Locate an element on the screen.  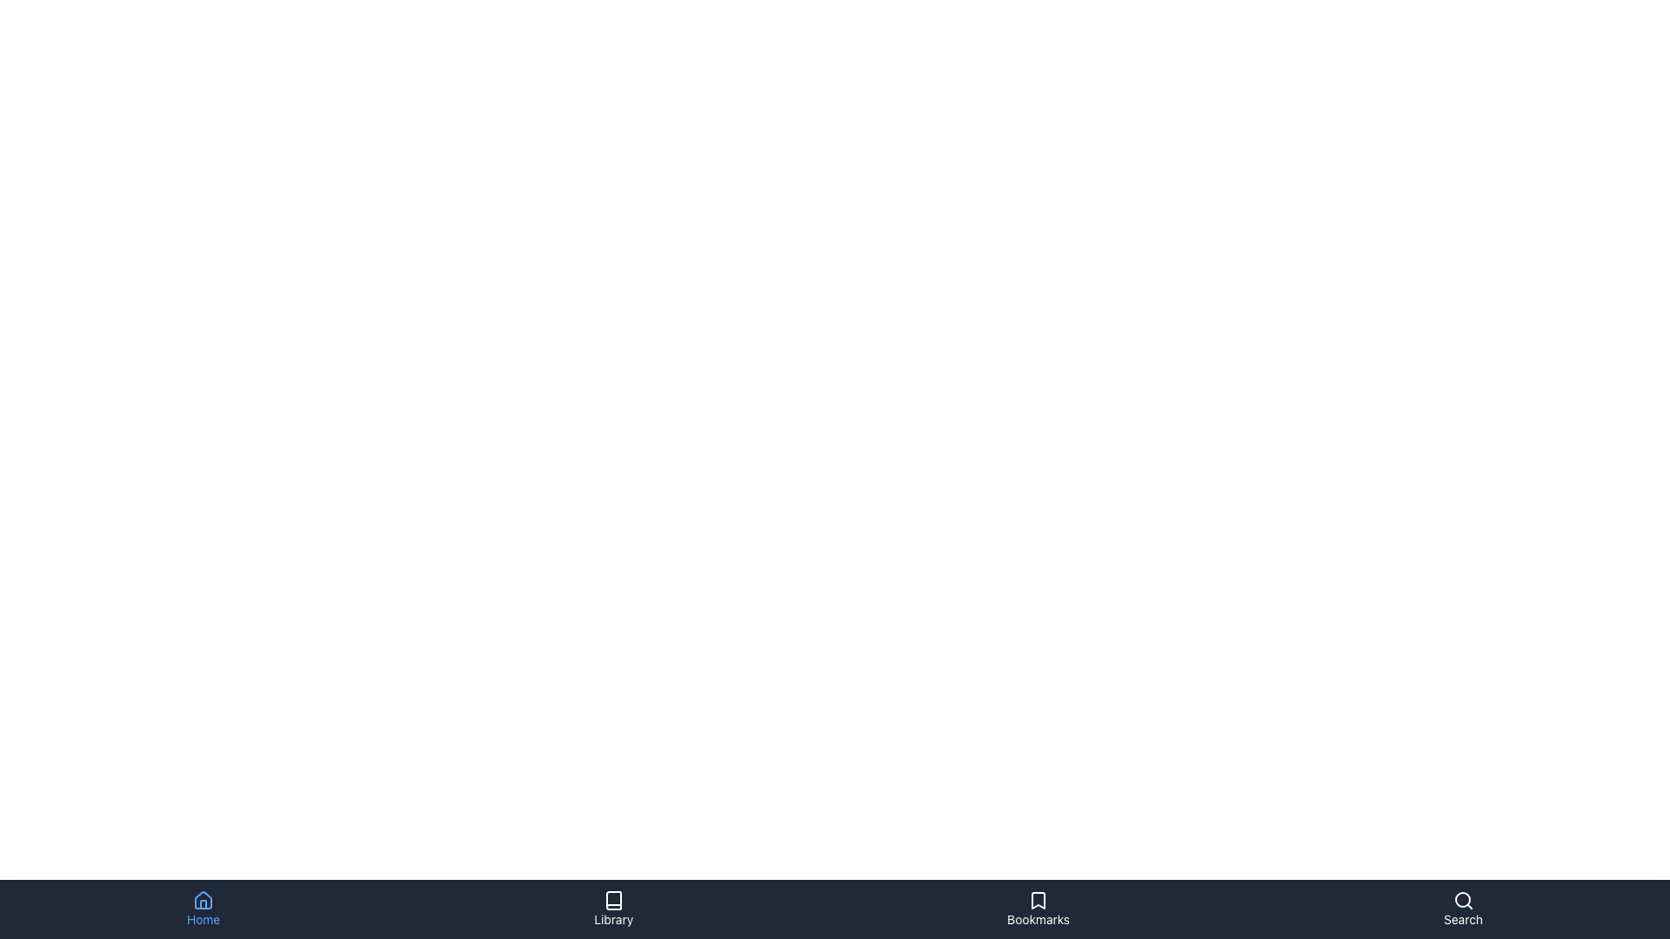
the Navigation Item, which features a book icon and the text 'Library', located in the bottom navigation bar is located at coordinates (613, 908).